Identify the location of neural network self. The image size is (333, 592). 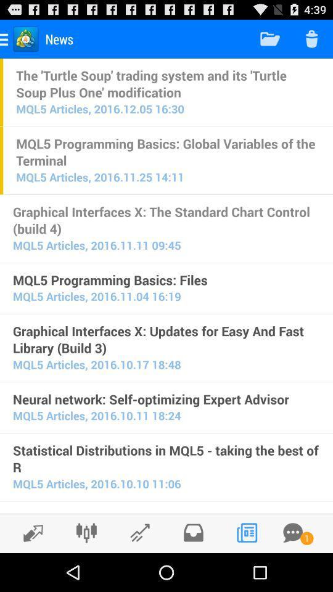
(166, 398).